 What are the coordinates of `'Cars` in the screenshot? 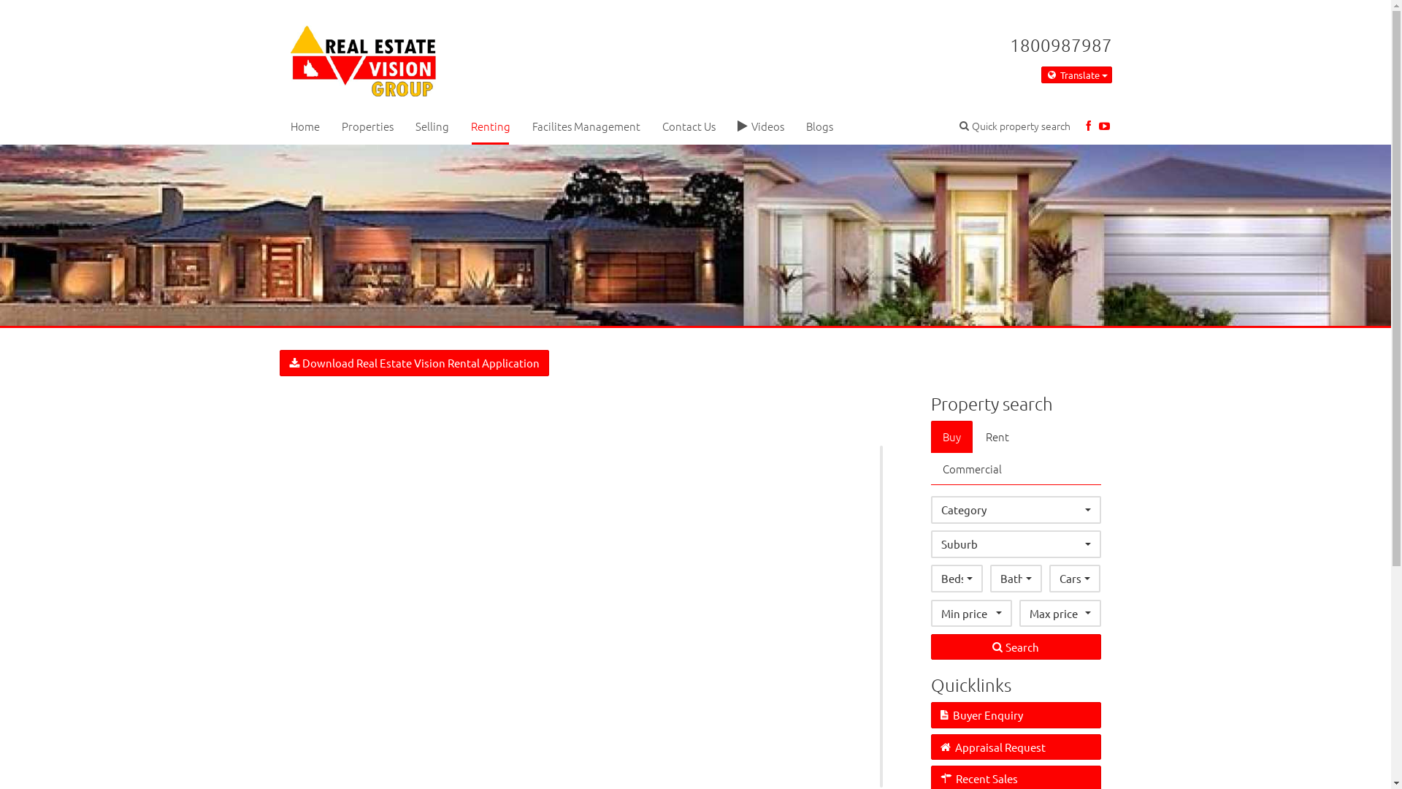 It's located at (1075, 577).